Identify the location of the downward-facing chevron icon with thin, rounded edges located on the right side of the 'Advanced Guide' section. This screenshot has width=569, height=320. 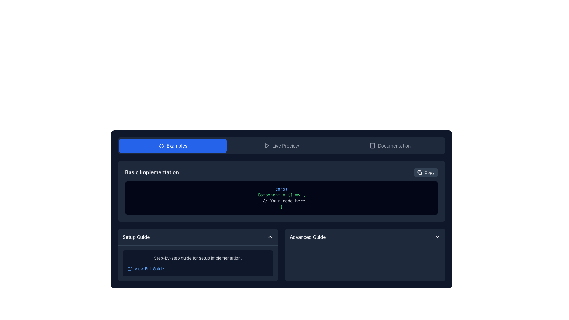
(437, 236).